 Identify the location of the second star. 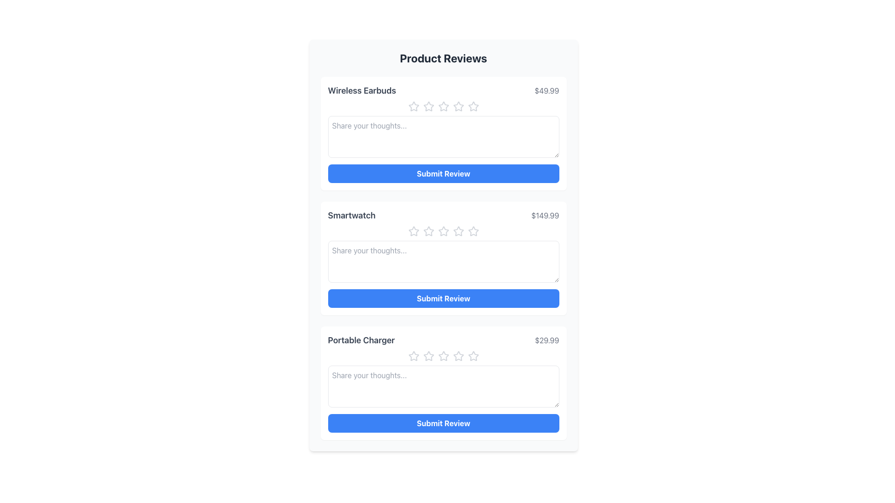
(428, 231).